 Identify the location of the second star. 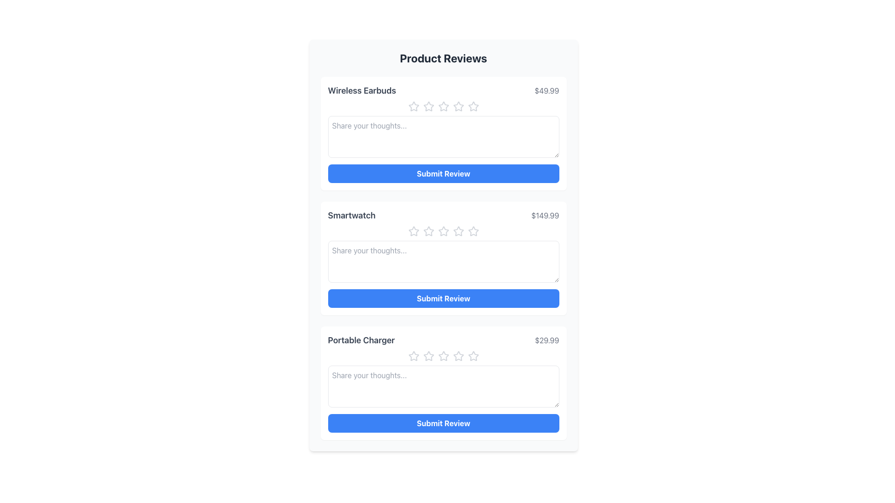
(428, 231).